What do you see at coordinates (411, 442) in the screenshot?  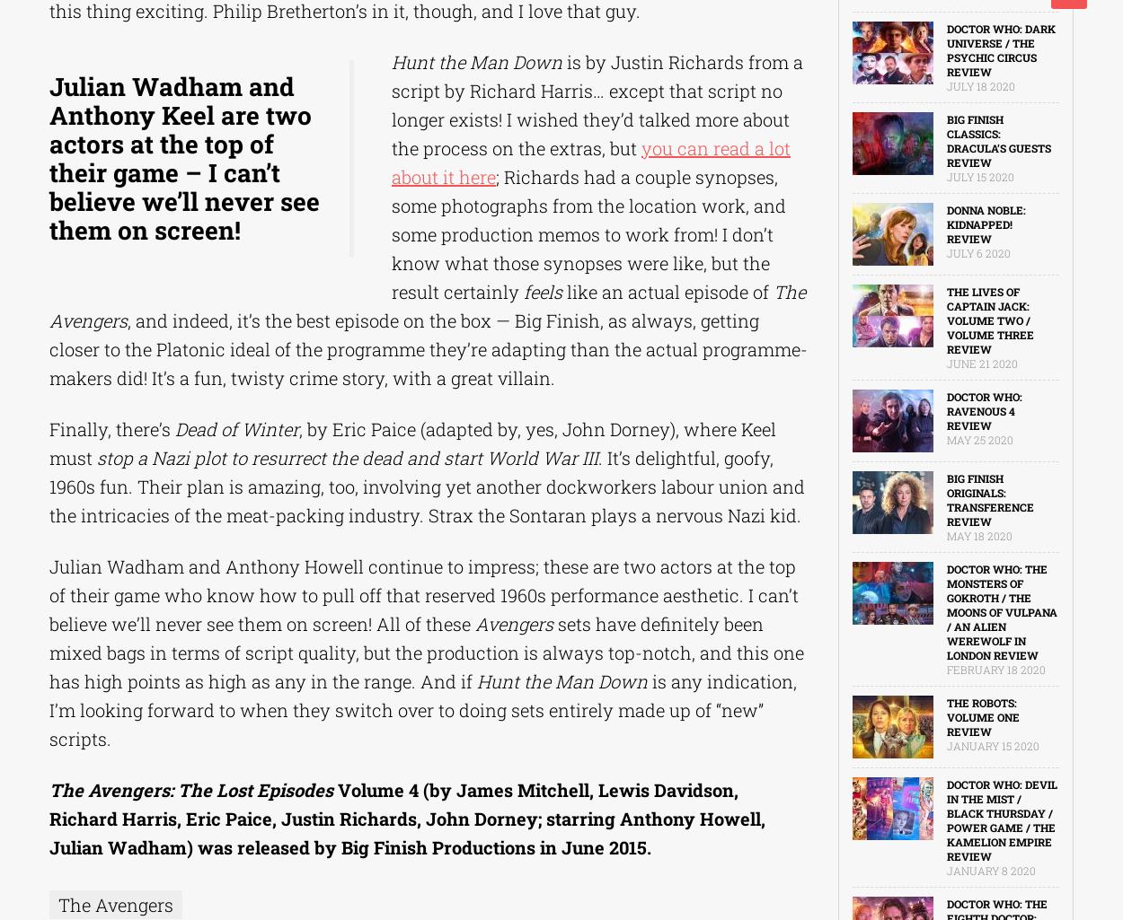 I see `', by Eric Paice (adapted by, yes, John Dorney), where Keel must'` at bounding box center [411, 442].